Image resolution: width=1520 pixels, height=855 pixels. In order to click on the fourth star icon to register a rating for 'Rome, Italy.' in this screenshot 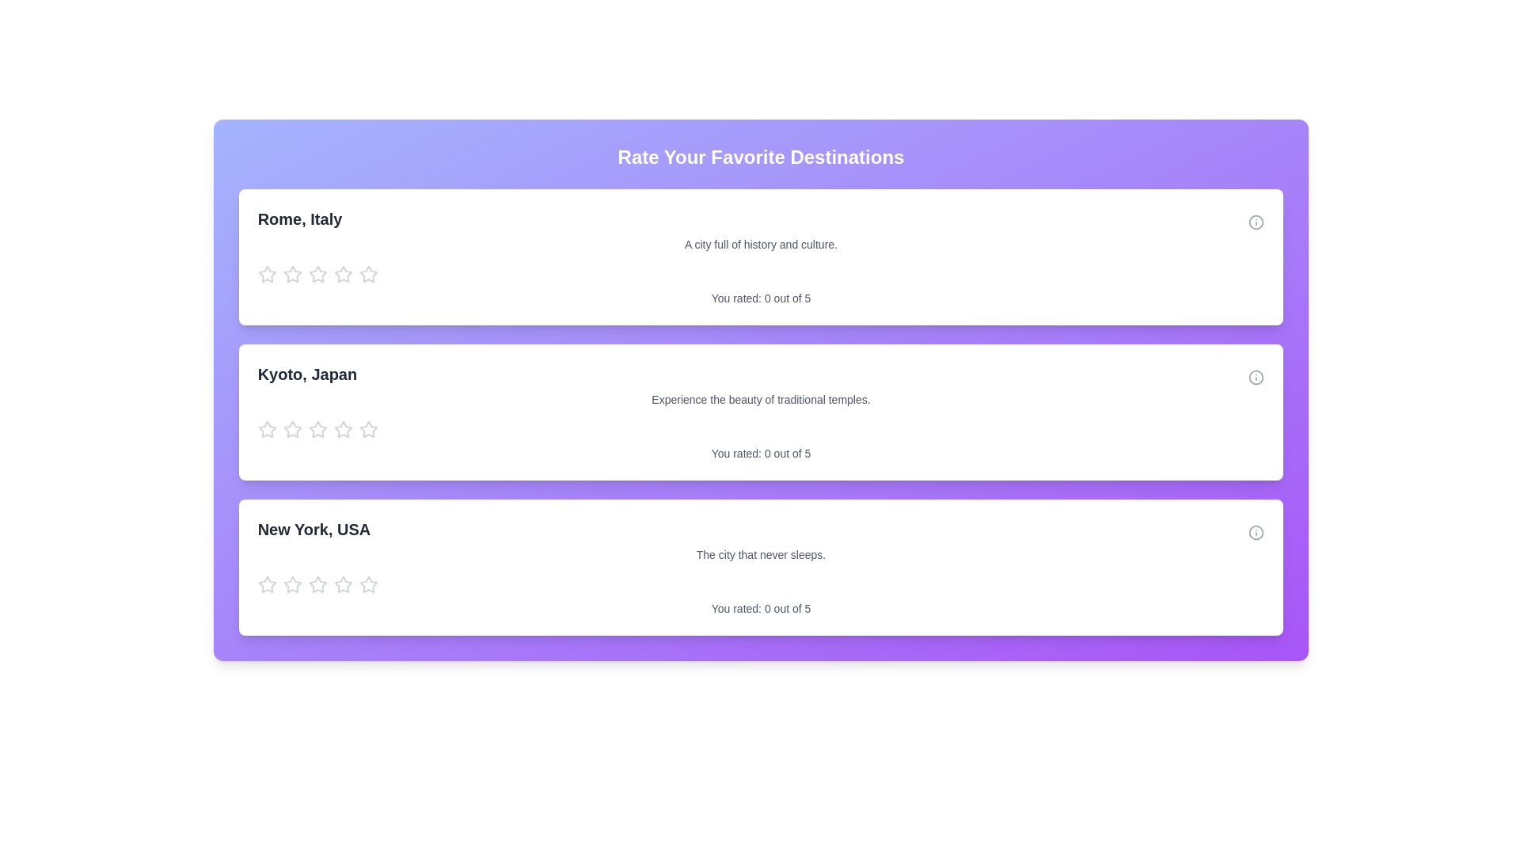, I will do `click(367, 273)`.